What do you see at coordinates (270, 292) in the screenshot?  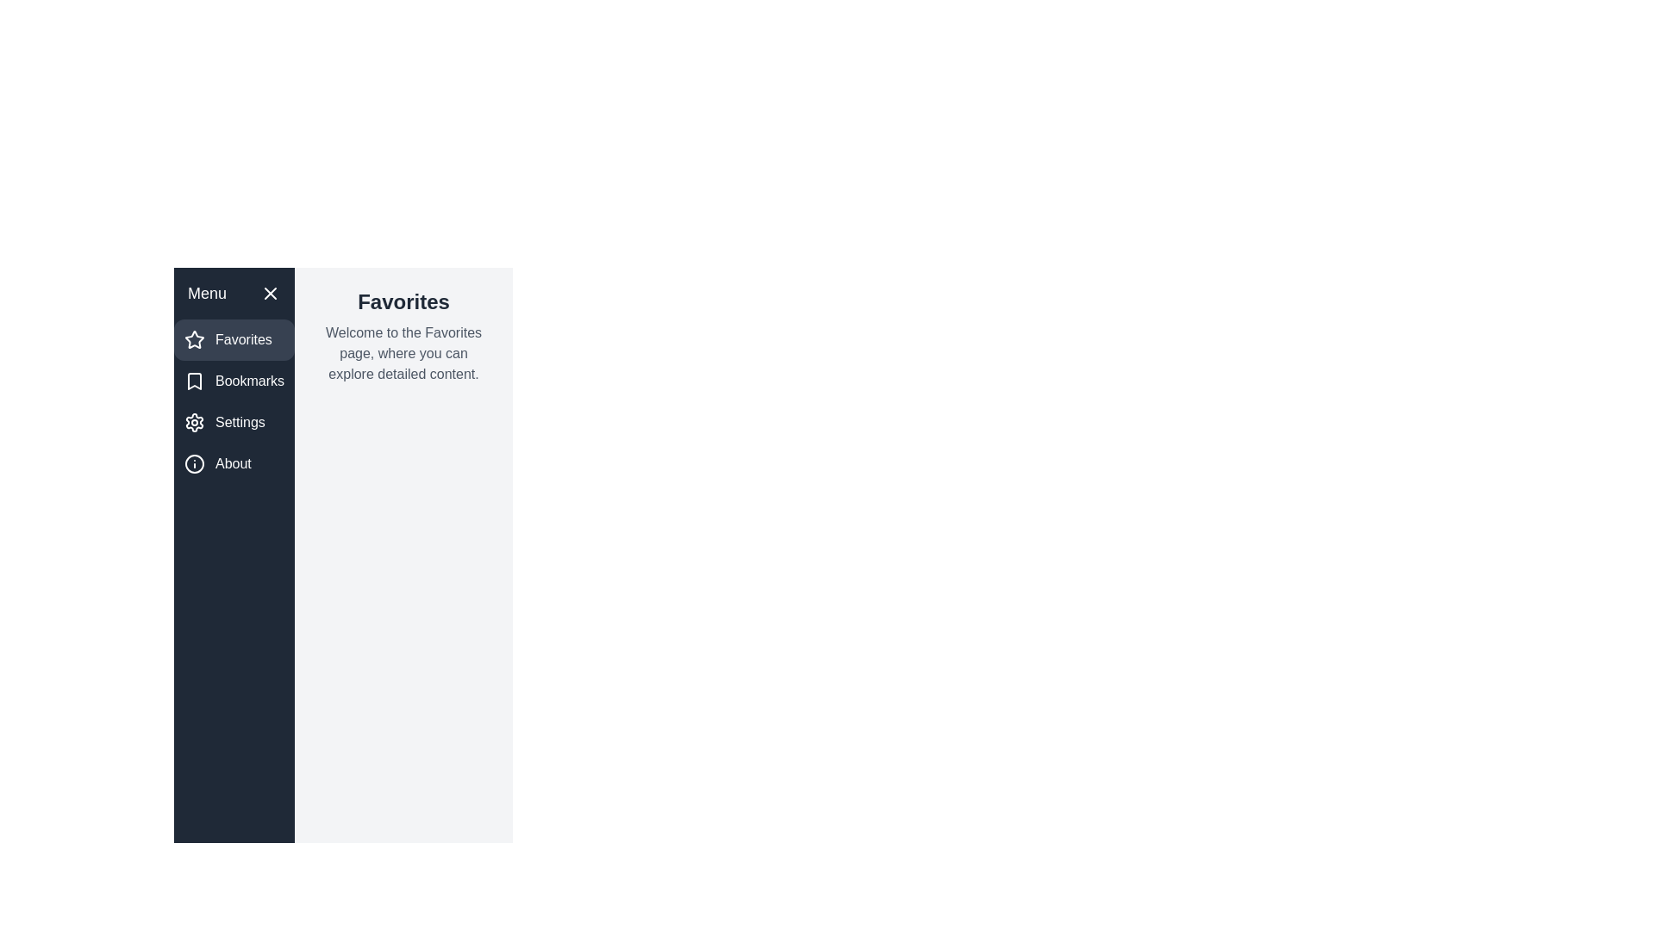 I see `the close icon located in the top-left corner of the interface, near the 'Menu' text, to prepare for dismissing the sidebar menu` at bounding box center [270, 292].